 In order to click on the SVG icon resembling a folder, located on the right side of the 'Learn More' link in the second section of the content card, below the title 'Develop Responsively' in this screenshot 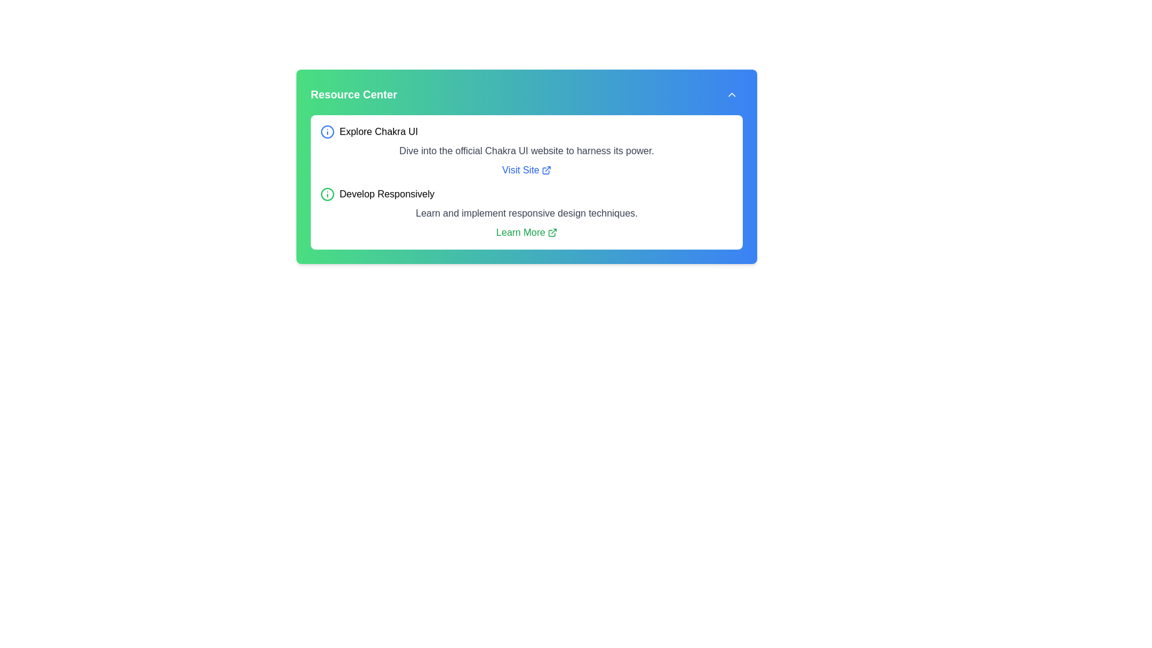, I will do `click(551, 233)`.